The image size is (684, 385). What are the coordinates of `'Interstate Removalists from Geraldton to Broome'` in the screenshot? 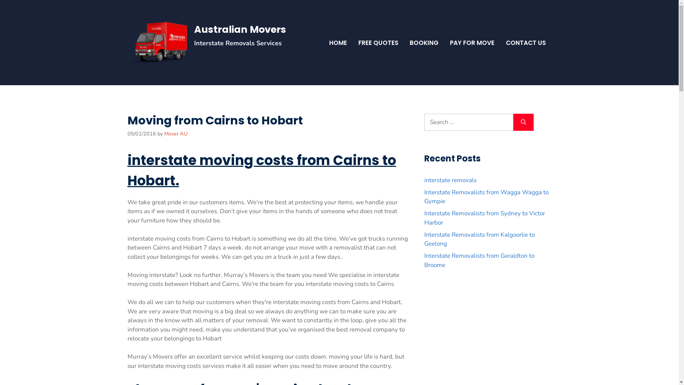 It's located at (479, 260).